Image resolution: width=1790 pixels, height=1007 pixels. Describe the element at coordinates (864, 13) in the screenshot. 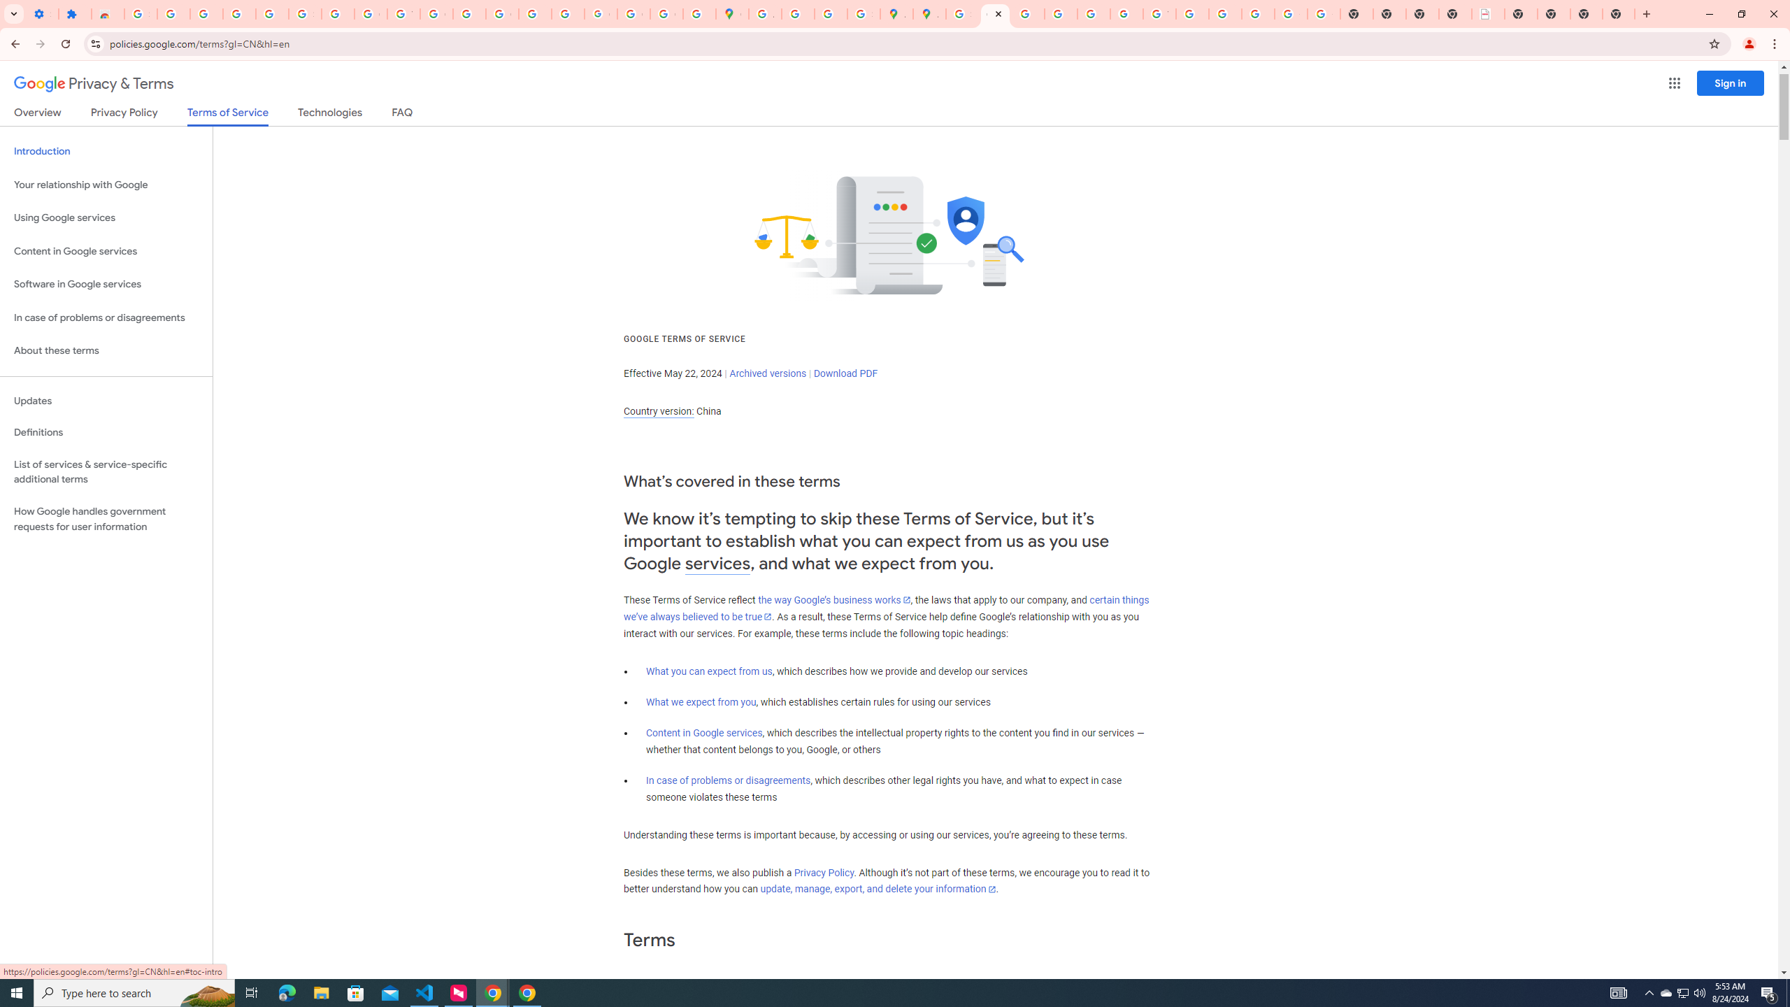

I see `'Safety in Our Products - Google Safety Center'` at that location.